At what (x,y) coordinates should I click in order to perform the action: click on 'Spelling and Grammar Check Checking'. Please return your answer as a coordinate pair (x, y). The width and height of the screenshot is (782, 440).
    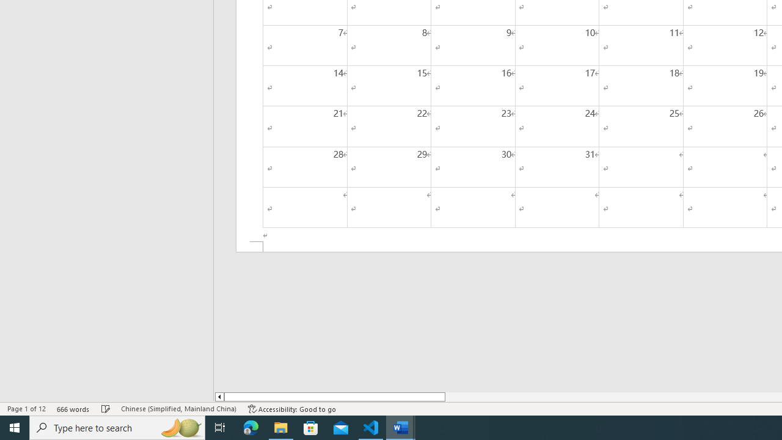
    Looking at the image, I should click on (106, 409).